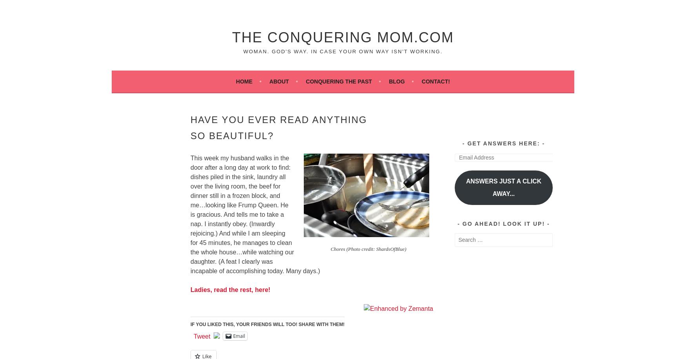 The image size is (686, 359). What do you see at coordinates (244, 81) in the screenshot?
I see `'Home'` at bounding box center [244, 81].